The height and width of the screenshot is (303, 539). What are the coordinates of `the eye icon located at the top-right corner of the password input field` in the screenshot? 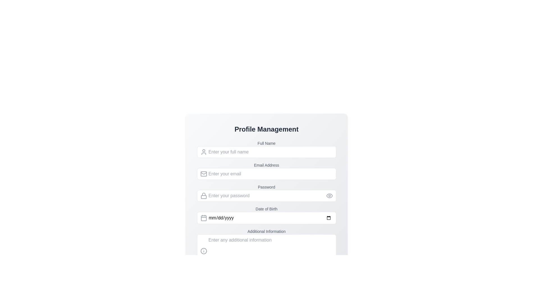 It's located at (329, 196).